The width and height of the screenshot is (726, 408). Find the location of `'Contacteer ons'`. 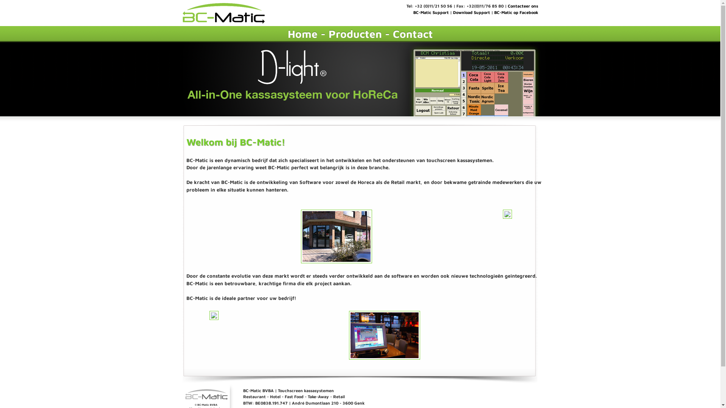

'Contacteer ons' is located at coordinates (507, 6).